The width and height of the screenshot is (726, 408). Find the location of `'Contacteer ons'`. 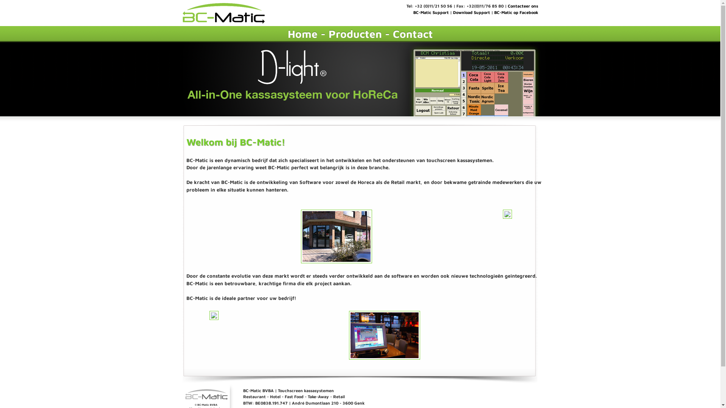

'Contacteer ons' is located at coordinates (507, 6).